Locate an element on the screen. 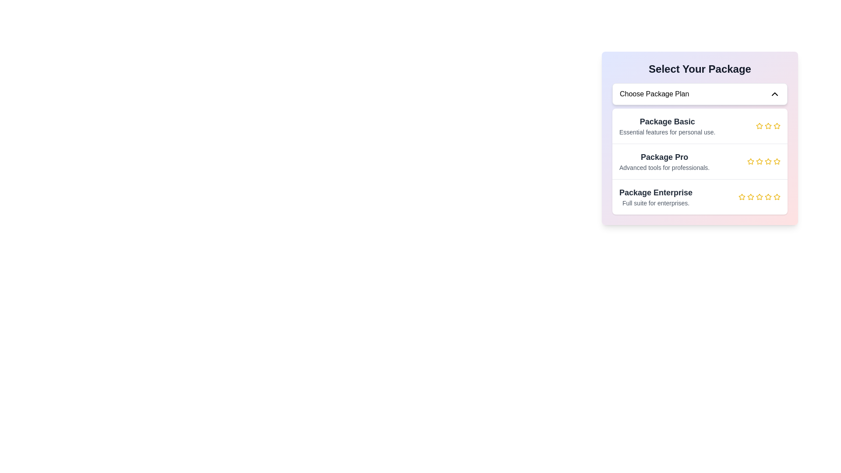 This screenshot has width=841, height=473. the first list item representing the basic package option in the selection interface under the 'Choose Package Plan' header is located at coordinates (700, 126).